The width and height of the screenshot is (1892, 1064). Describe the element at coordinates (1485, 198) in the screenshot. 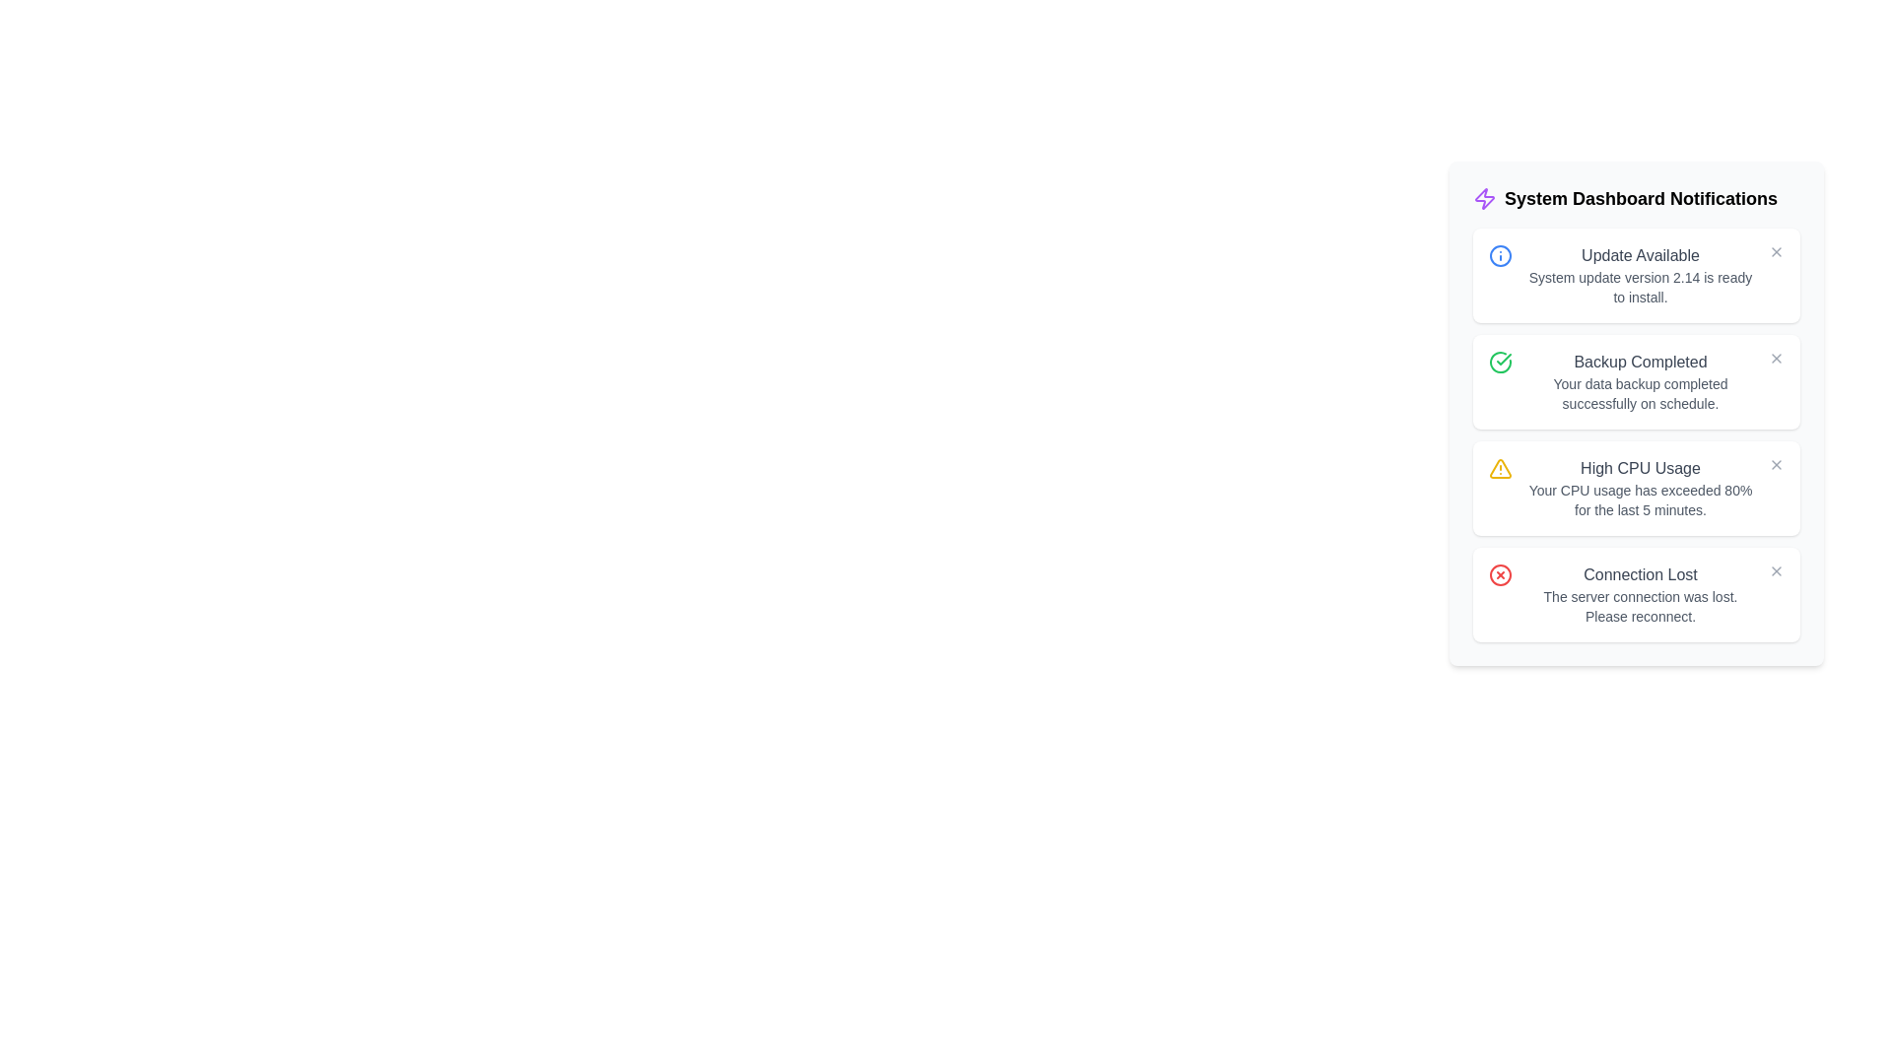

I see `the stylized lightning-bolt icon` at that location.